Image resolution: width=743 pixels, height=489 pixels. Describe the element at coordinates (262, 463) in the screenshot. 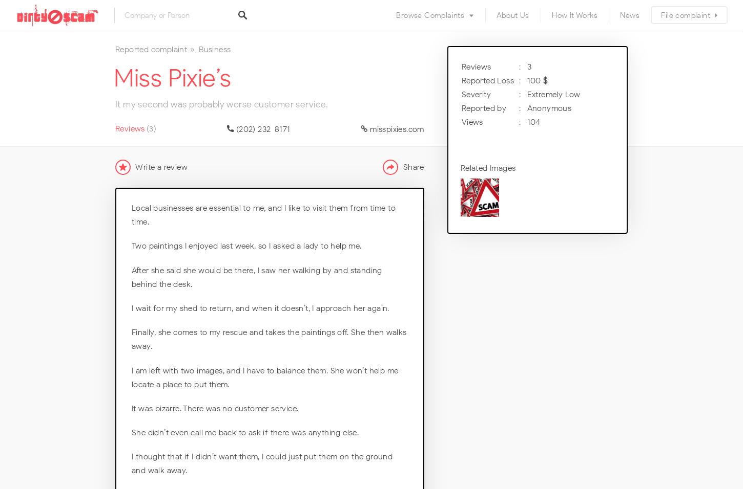

I see `'I thought that if I didn’t want them, I could just put them on the ground and walk away.'` at that location.